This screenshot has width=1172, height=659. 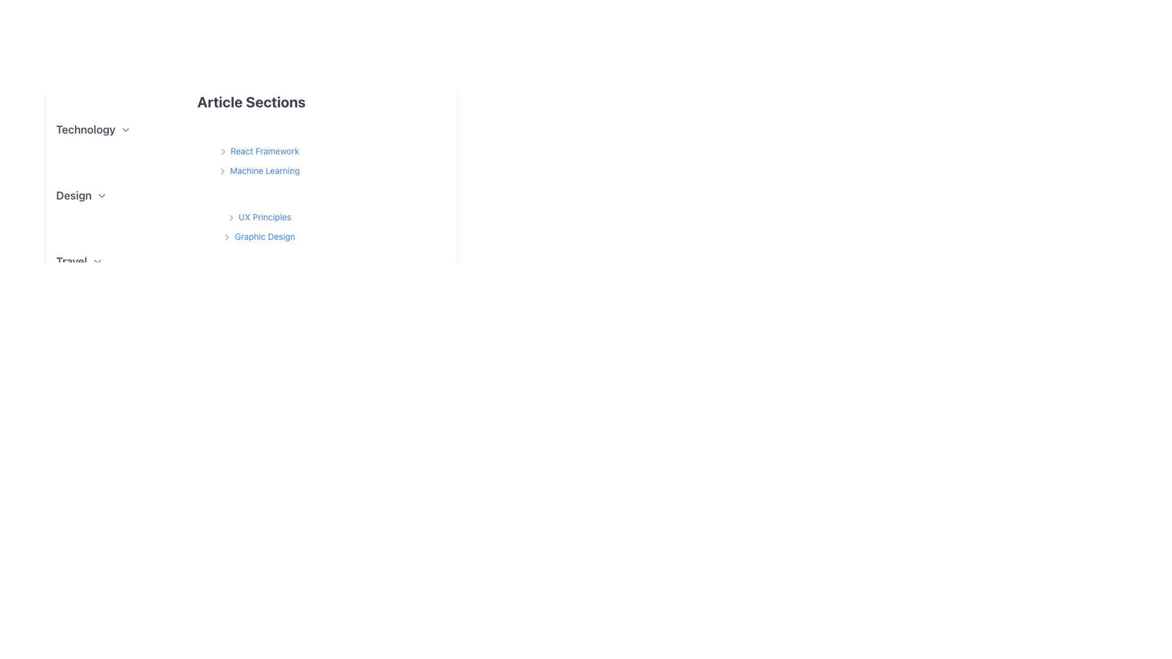 What do you see at coordinates (258, 236) in the screenshot?
I see `the 'Graphic Design' hyperlink, which is styled in blue and accompanied by a right-pointing chevron icon, located under the 'Design' category as the second item` at bounding box center [258, 236].